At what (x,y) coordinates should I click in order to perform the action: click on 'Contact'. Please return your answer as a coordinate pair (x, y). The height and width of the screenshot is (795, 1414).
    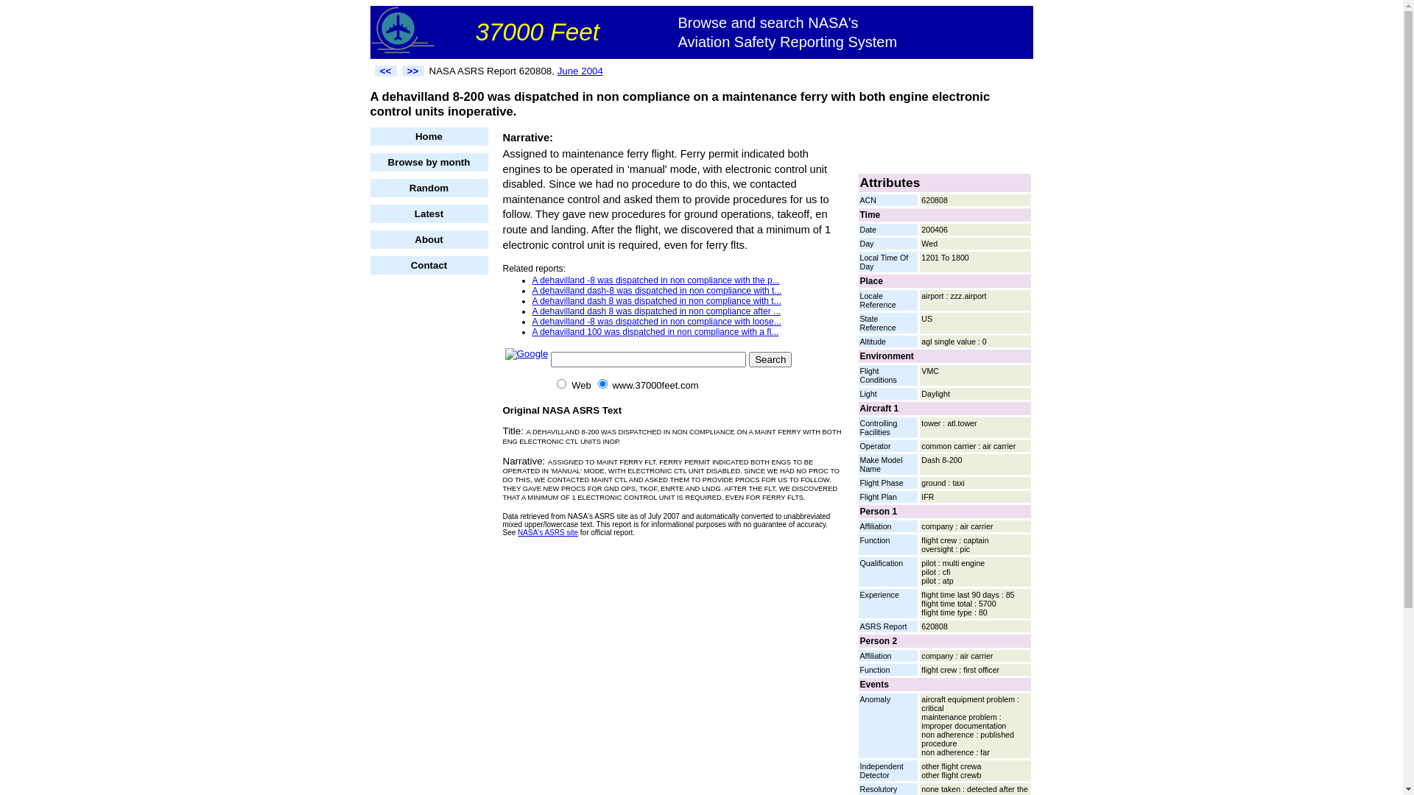
    Looking at the image, I should click on (370, 265).